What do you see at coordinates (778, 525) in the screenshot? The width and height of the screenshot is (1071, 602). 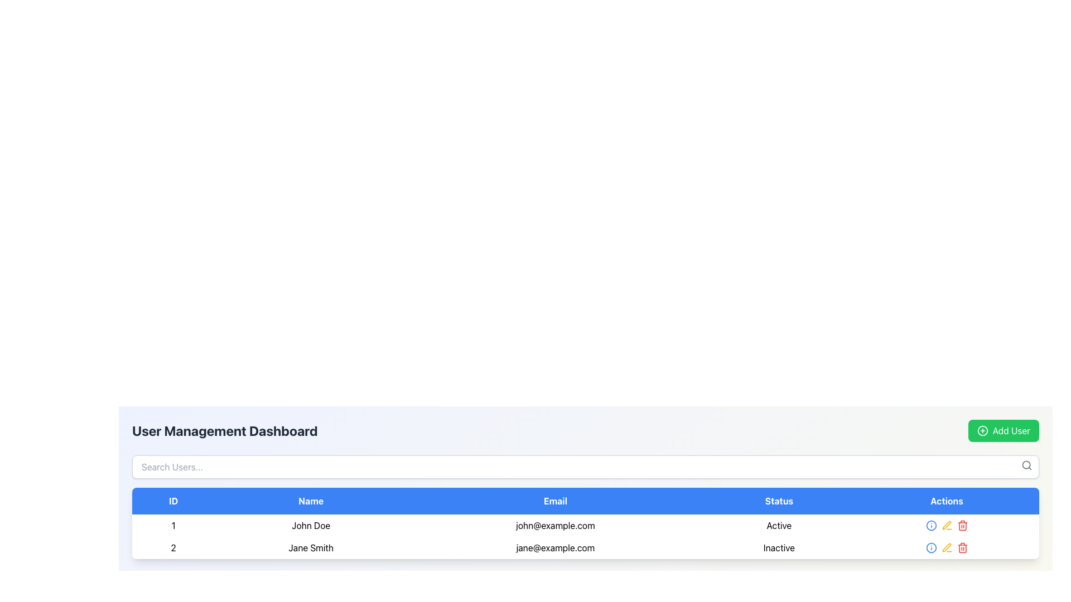 I see `the informational text label indicating that 'John Doe' is currently active, located in the fourth column labeled 'Status' of the first row in the table` at bounding box center [778, 525].